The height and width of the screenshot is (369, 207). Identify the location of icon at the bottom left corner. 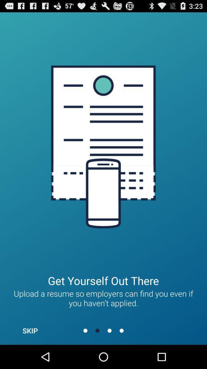
(30, 330).